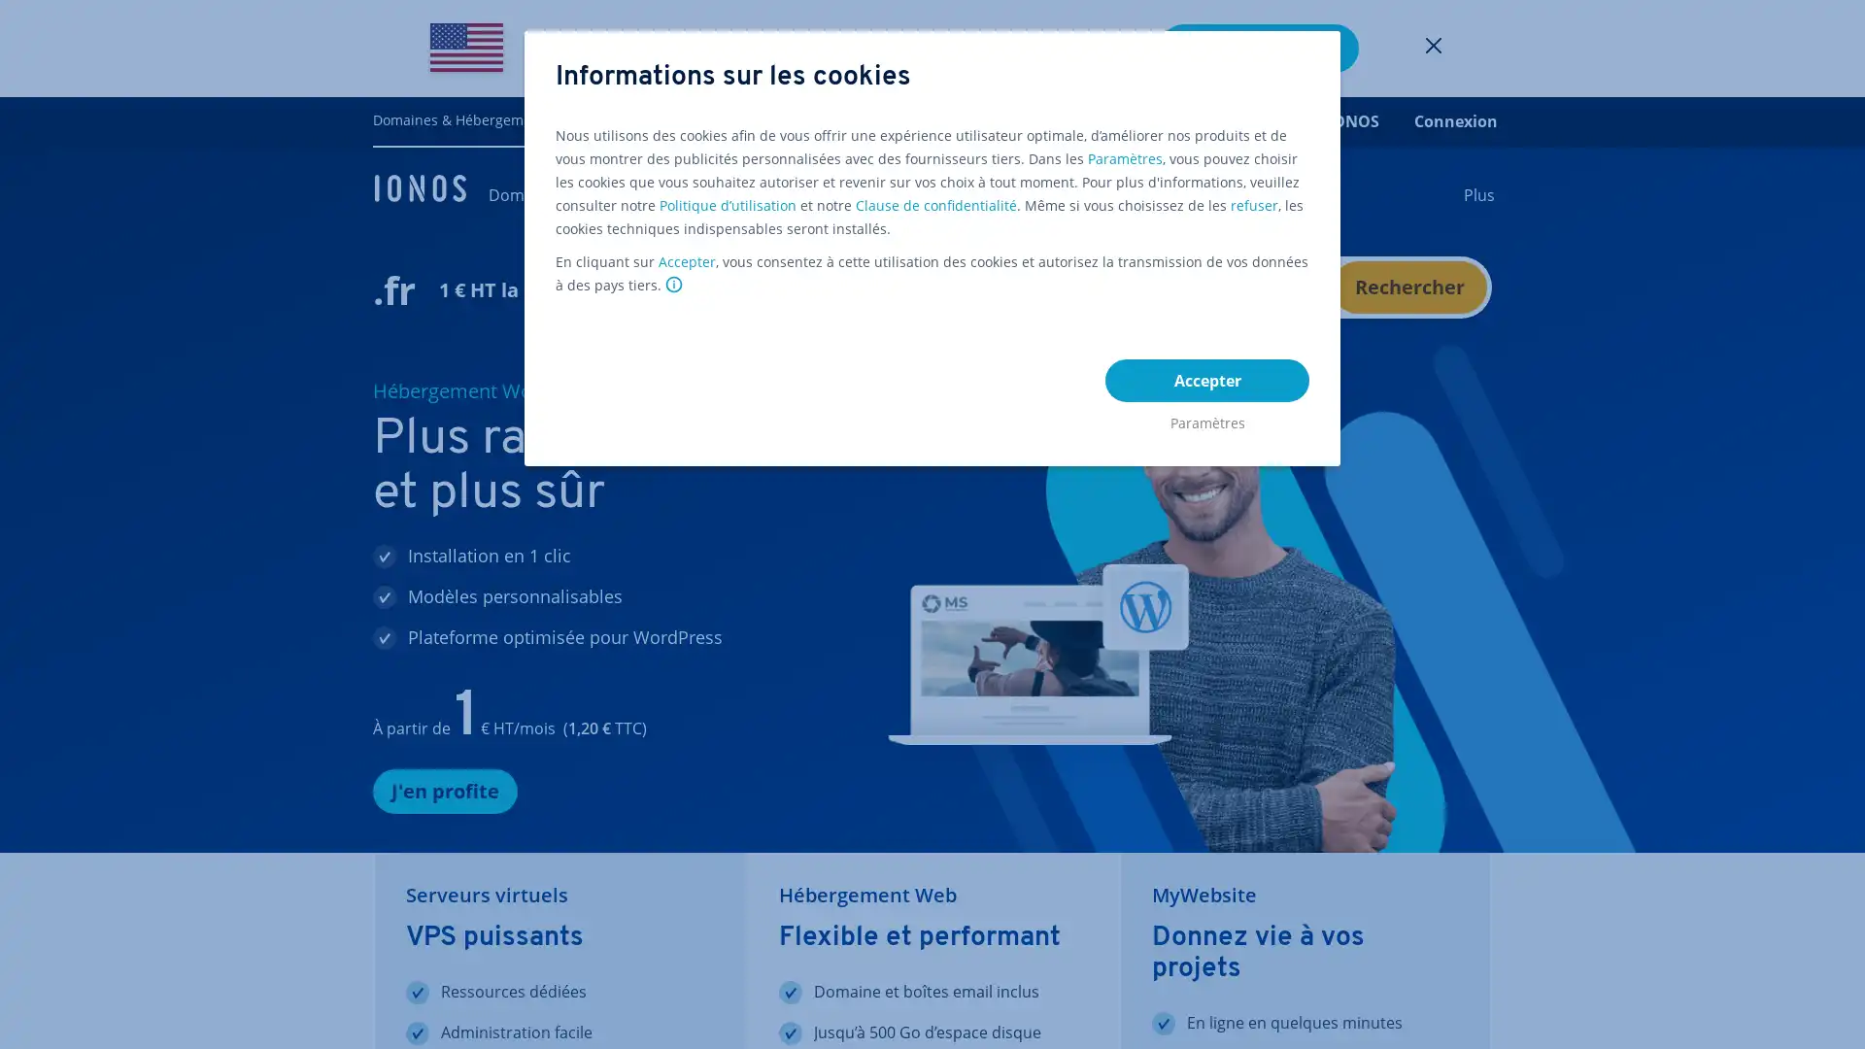  I want to click on Hebergement Nouveau, so click(881, 194).